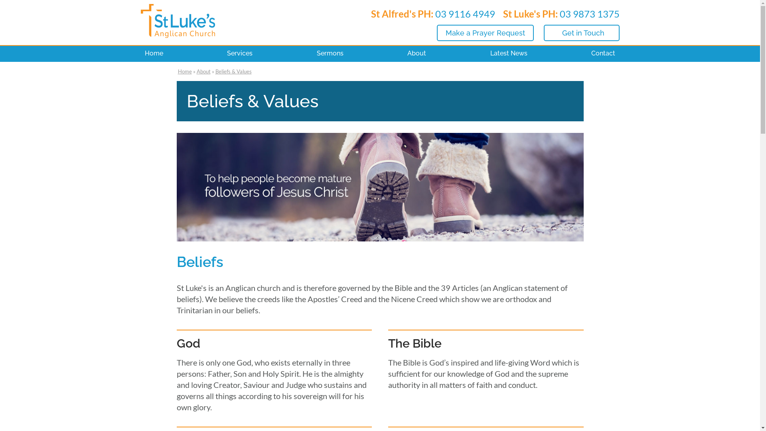 The width and height of the screenshot is (766, 431). What do you see at coordinates (330, 54) in the screenshot?
I see `'Sermons'` at bounding box center [330, 54].